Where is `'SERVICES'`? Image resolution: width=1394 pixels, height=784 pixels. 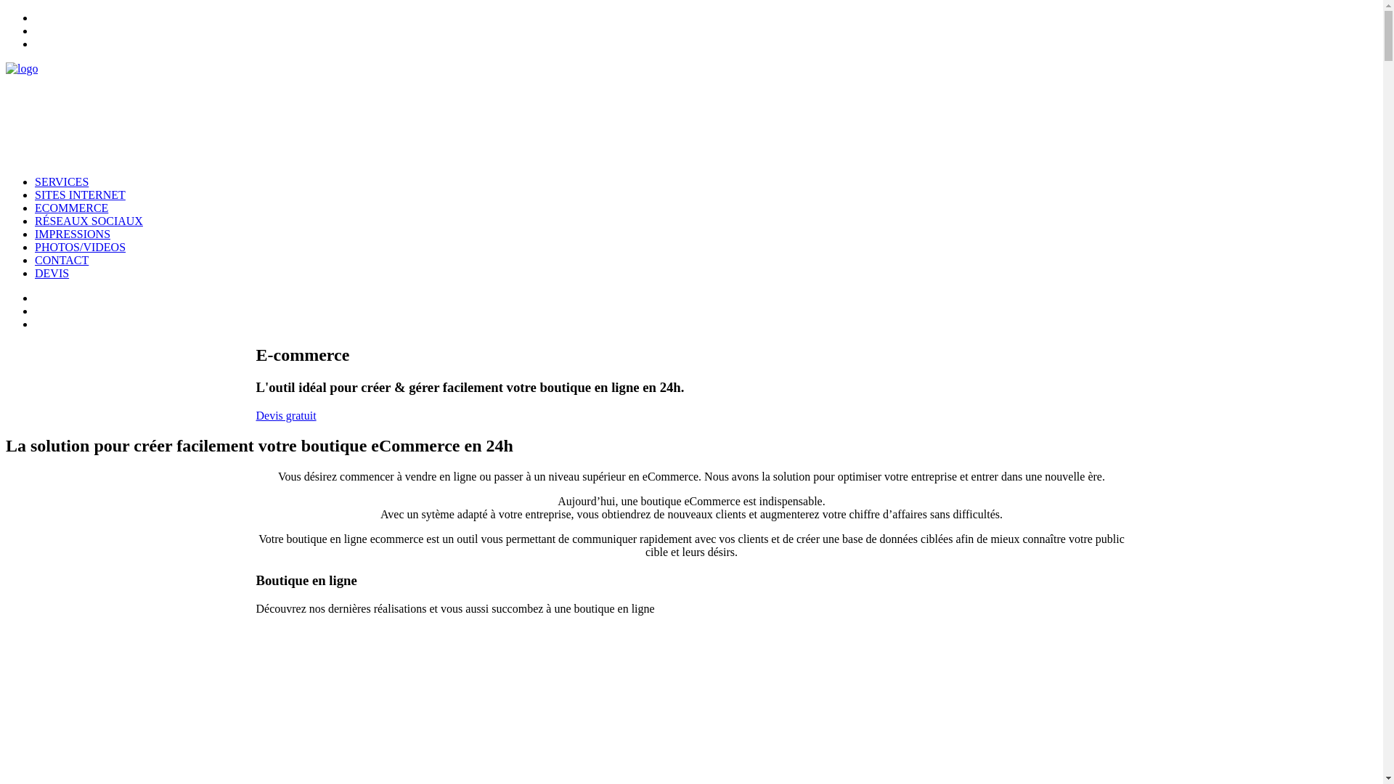 'SERVICES' is located at coordinates (61, 181).